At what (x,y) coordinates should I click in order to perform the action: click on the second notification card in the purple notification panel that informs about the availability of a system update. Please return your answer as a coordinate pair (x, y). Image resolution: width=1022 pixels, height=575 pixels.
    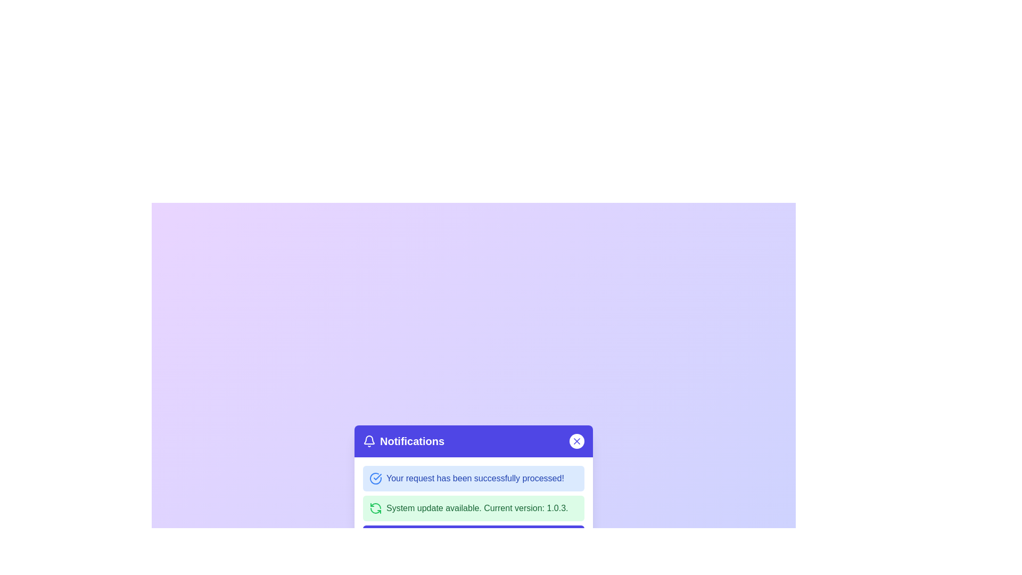
    Looking at the image, I should click on (473, 508).